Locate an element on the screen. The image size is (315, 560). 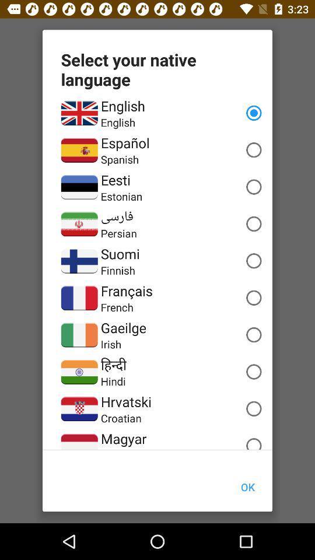
estonian icon is located at coordinates (121, 196).